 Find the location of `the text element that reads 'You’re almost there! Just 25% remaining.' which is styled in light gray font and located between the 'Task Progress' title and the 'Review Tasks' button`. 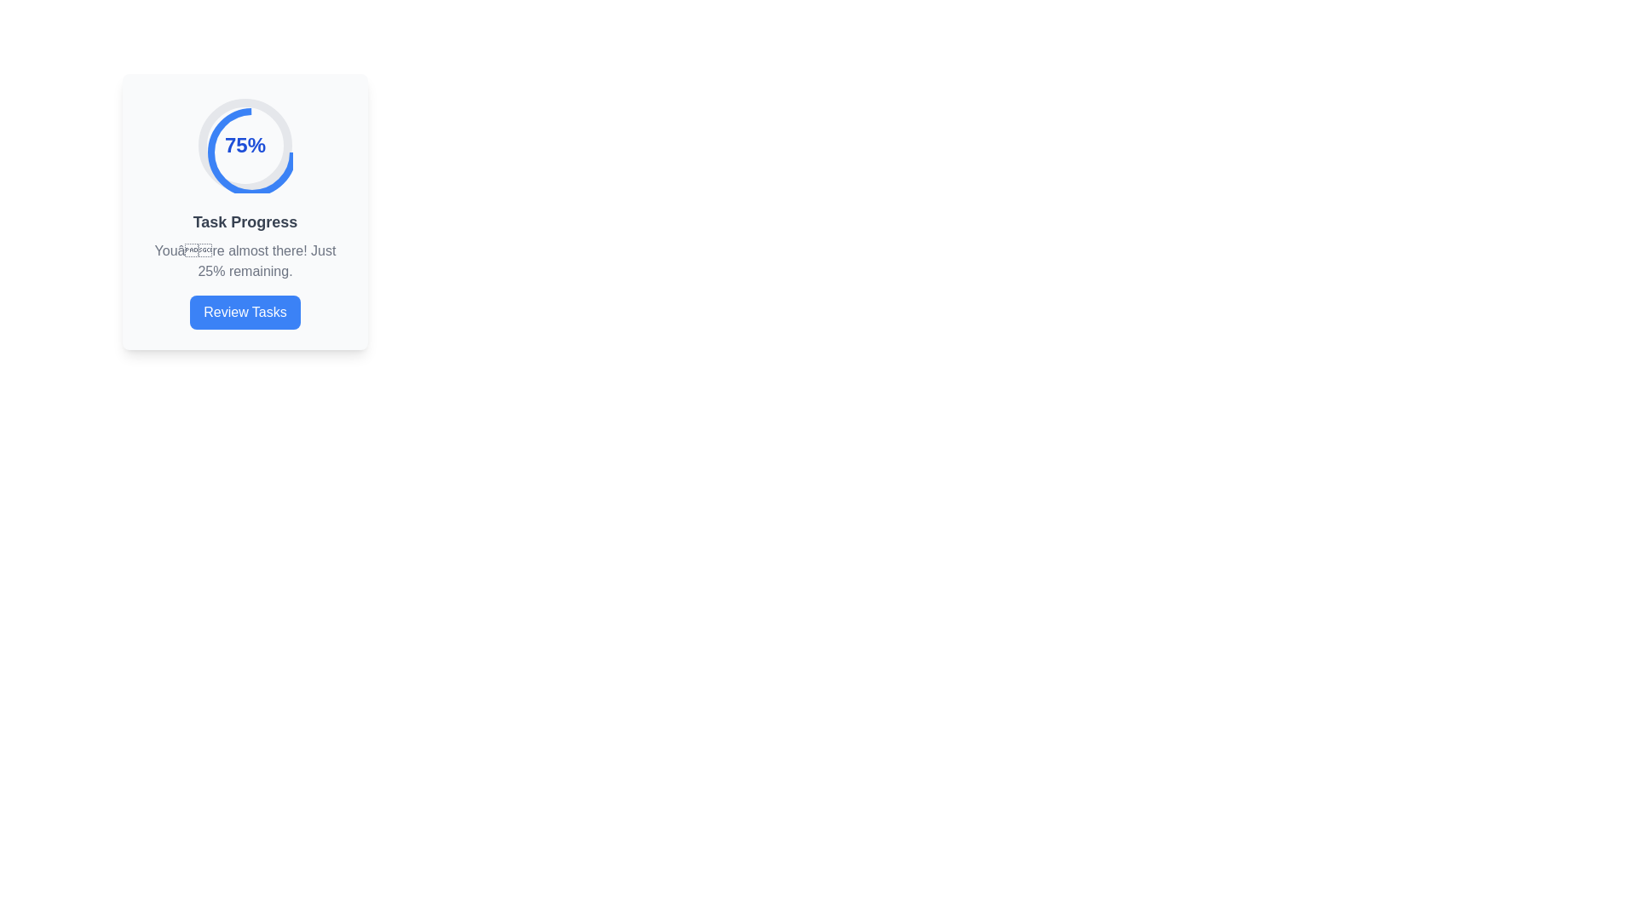

the text element that reads 'You’re almost there! Just 25% remaining.' which is styled in light gray font and located between the 'Task Progress' title and the 'Review Tasks' button is located at coordinates (245, 262).